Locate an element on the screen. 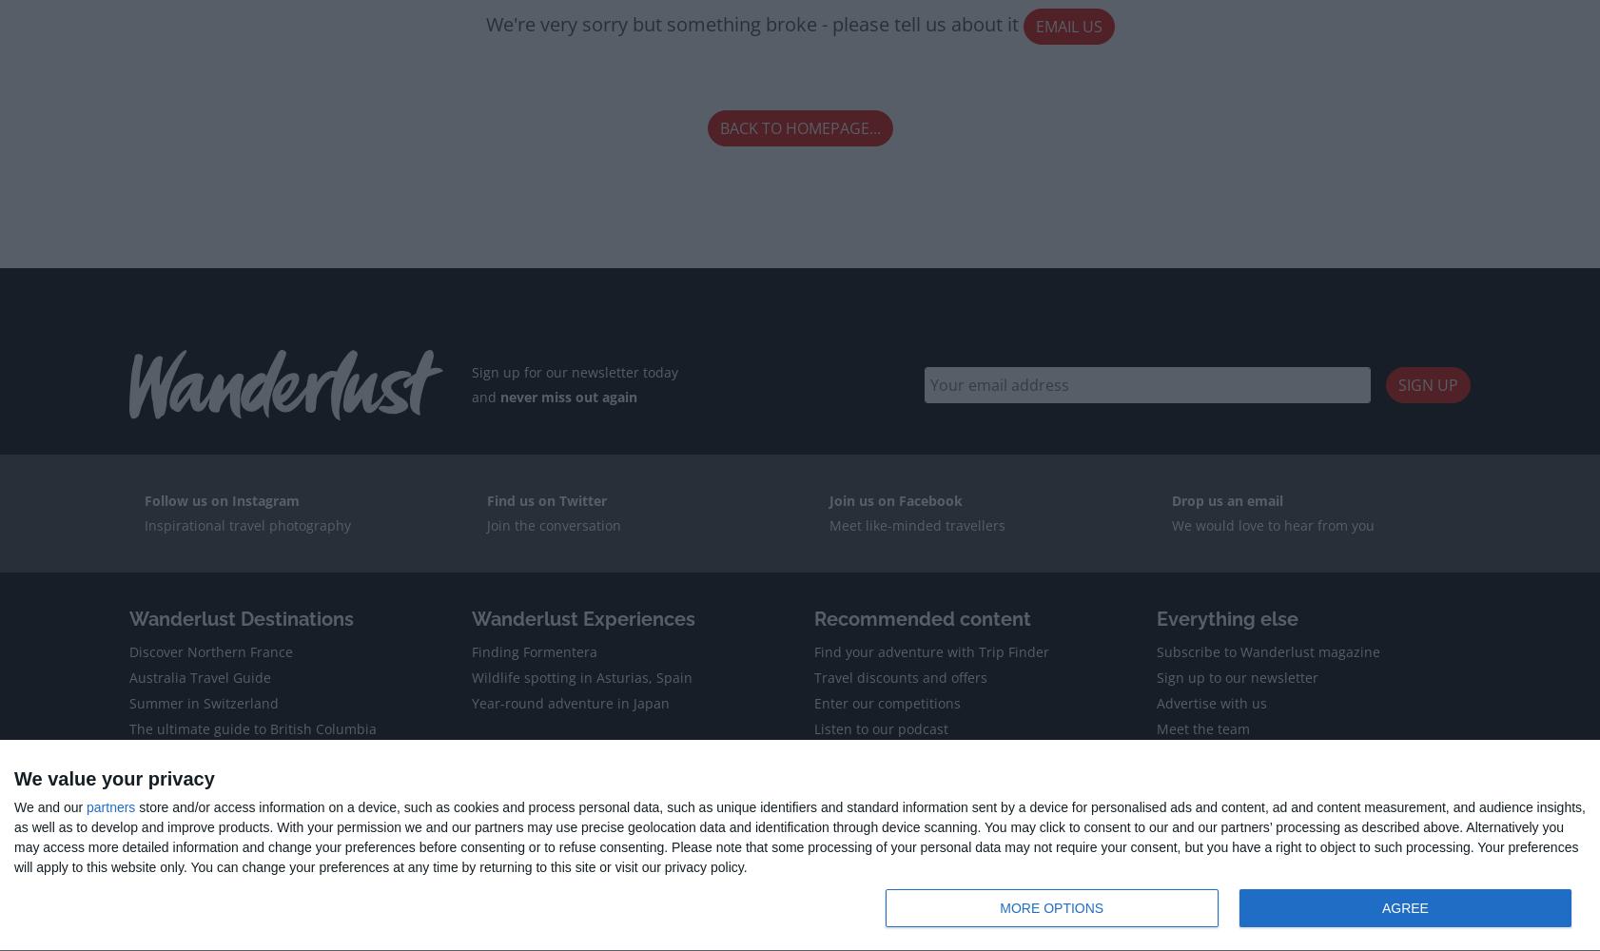  'Meet the team' is located at coordinates (1203, 728).